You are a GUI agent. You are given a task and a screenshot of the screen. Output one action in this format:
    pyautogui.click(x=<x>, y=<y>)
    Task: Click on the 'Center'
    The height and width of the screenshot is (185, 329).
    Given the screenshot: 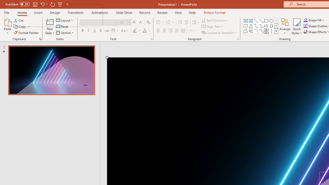 What is the action you would take?
    pyautogui.click(x=164, y=31)
    